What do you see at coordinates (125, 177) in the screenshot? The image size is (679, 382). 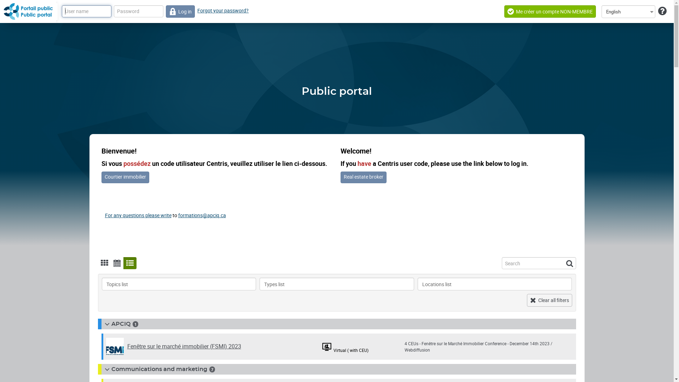 I see `'Courtier immobilier'` at bounding box center [125, 177].